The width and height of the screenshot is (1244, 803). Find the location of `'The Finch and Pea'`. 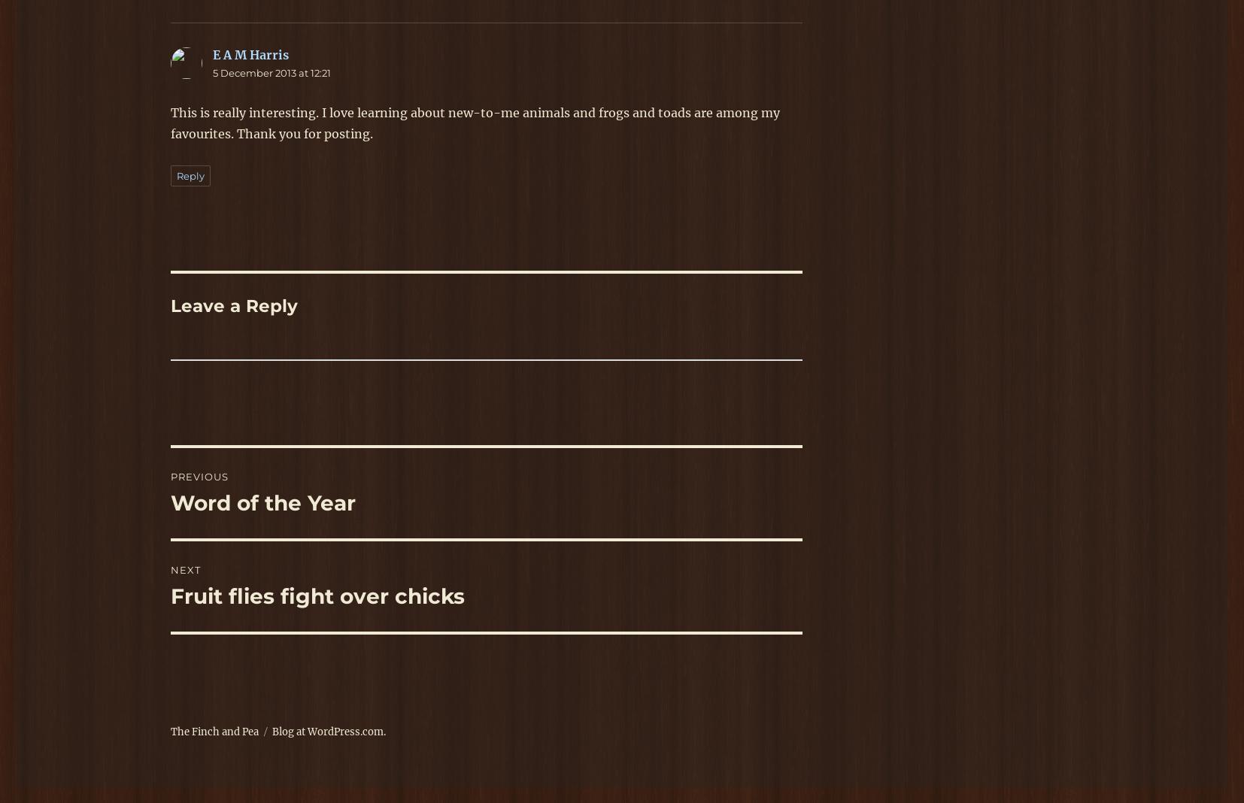

'The Finch and Pea' is located at coordinates (169, 732).